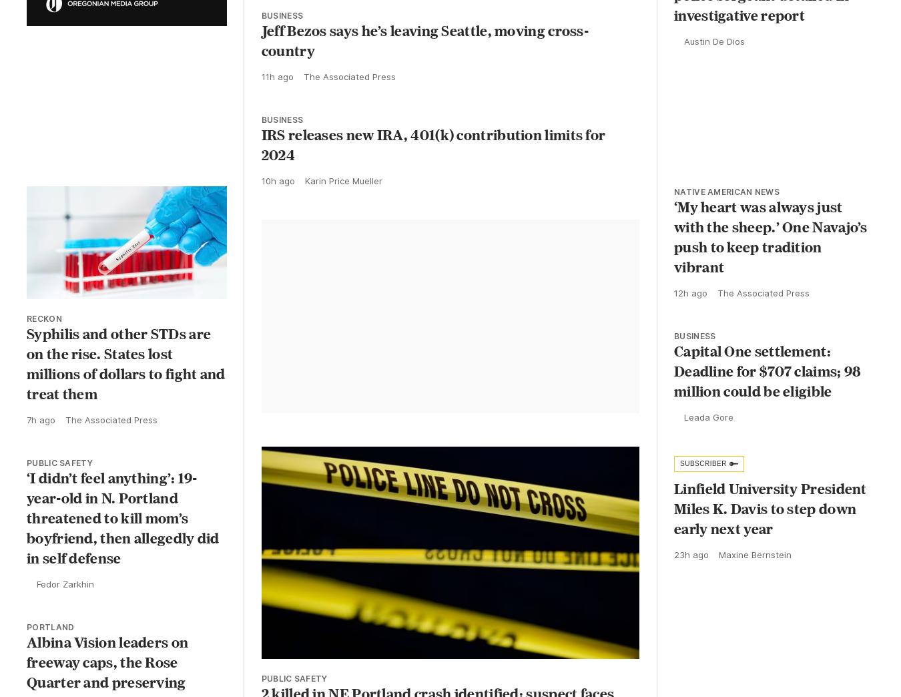 This screenshot has height=697, width=901. Describe the element at coordinates (691, 304) in the screenshot. I see `'12h ago'` at that location.